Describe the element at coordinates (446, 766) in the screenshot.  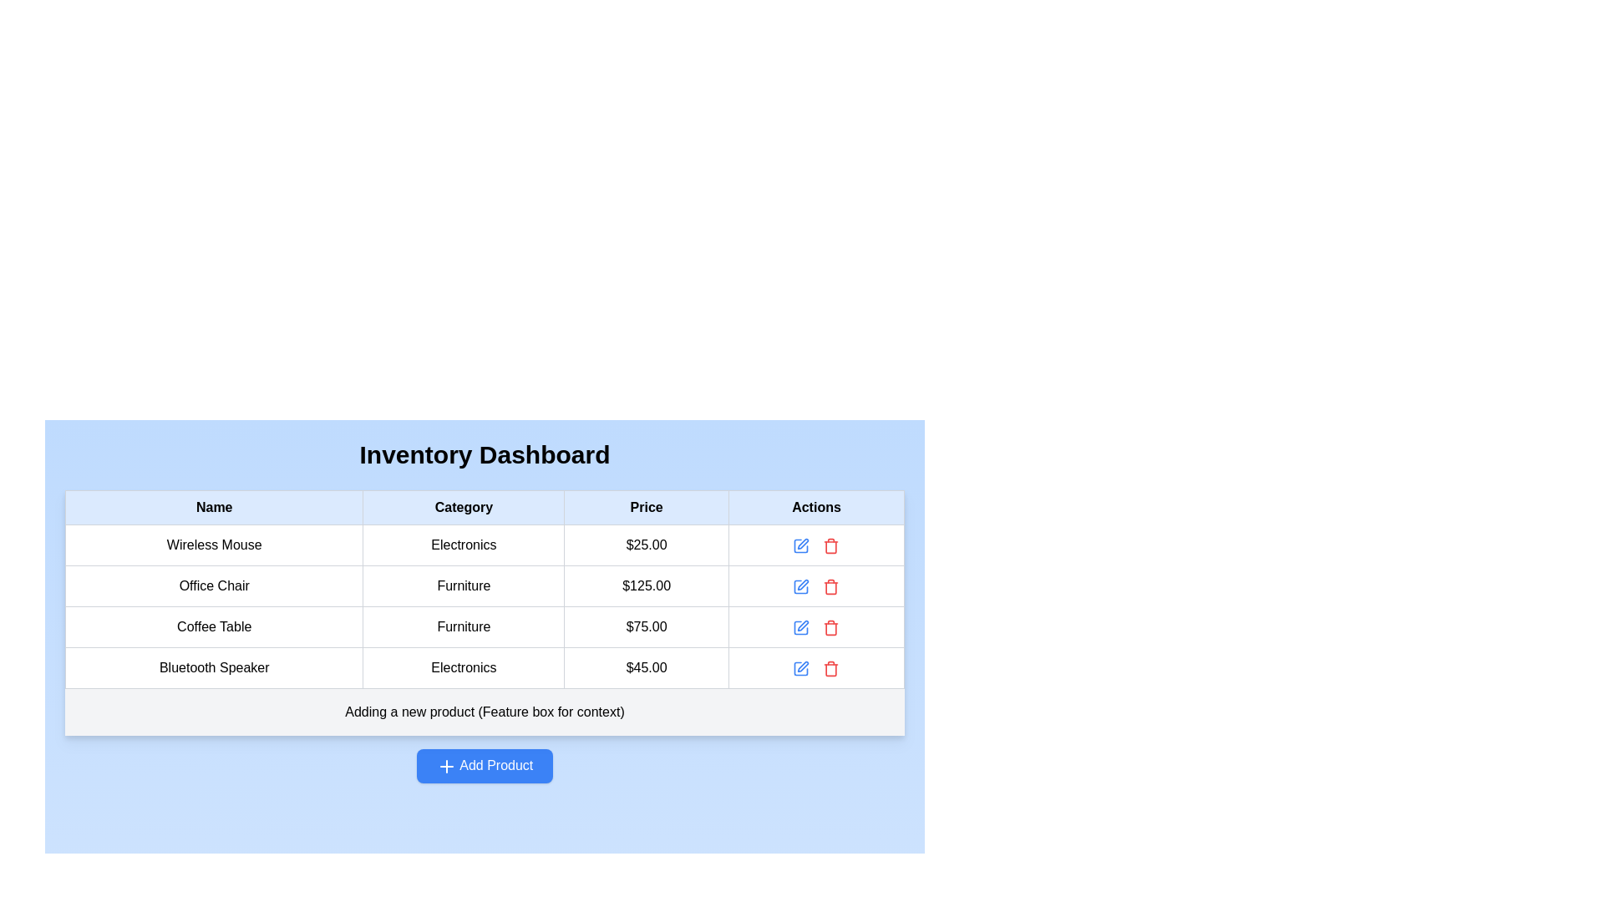
I see `the plus icon within the 'Add Product' button` at that location.